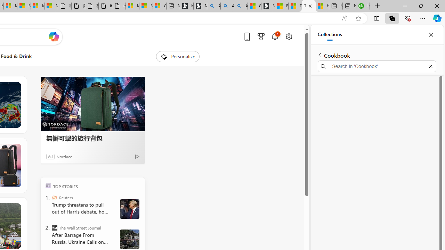 The width and height of the screenshot is (445, 250). I want to click on 'Exit search', so click(430, 66).